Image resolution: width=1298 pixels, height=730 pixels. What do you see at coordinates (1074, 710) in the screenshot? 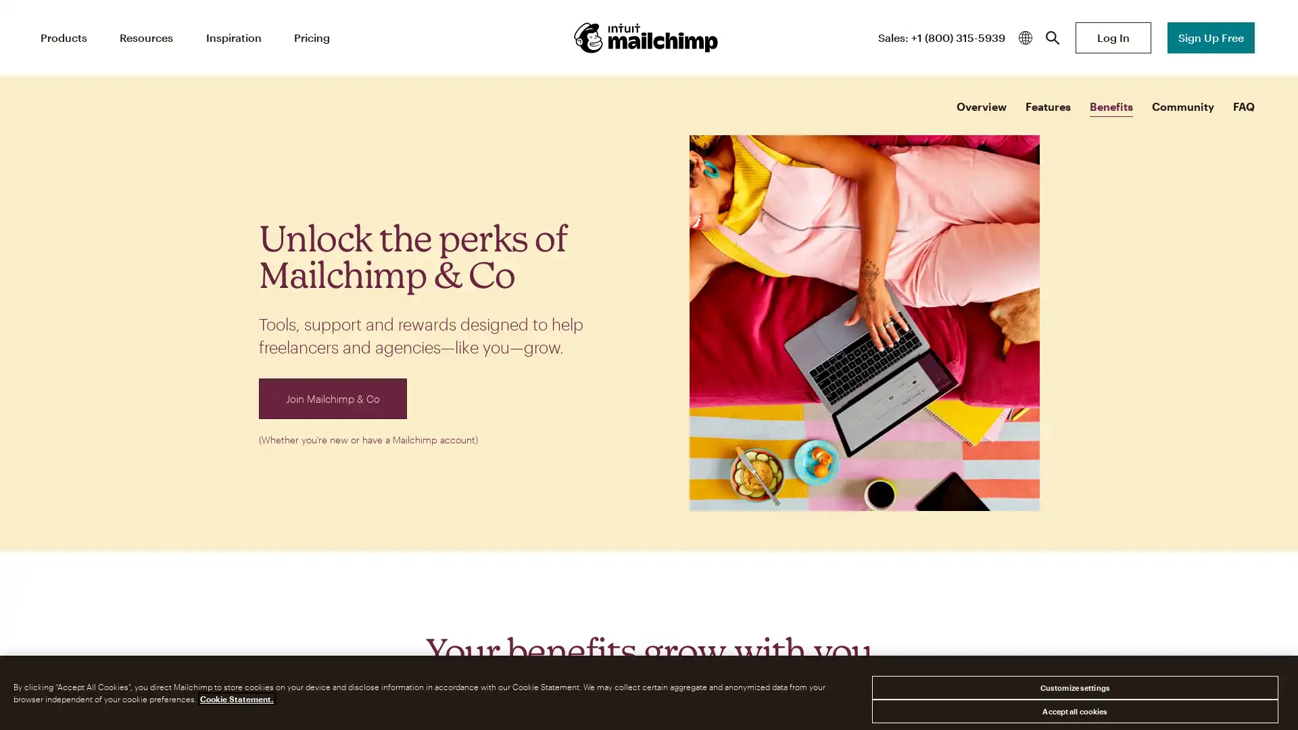
I see `Accept all cookies` at bounding box center [1074, 710].